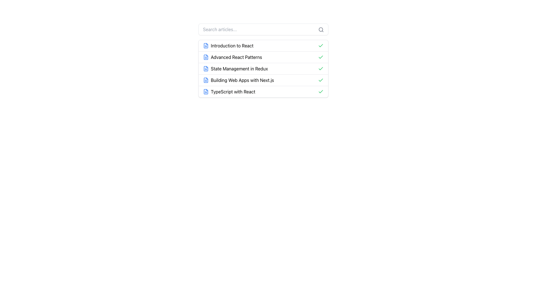  What do you see at coordinates (205, 91) in the screenshot?
I see `the document page icon, styled in blue tones, located to the left of the text 'TypeScript with React' in the vertical list of components` at bounding box center [205, 91].